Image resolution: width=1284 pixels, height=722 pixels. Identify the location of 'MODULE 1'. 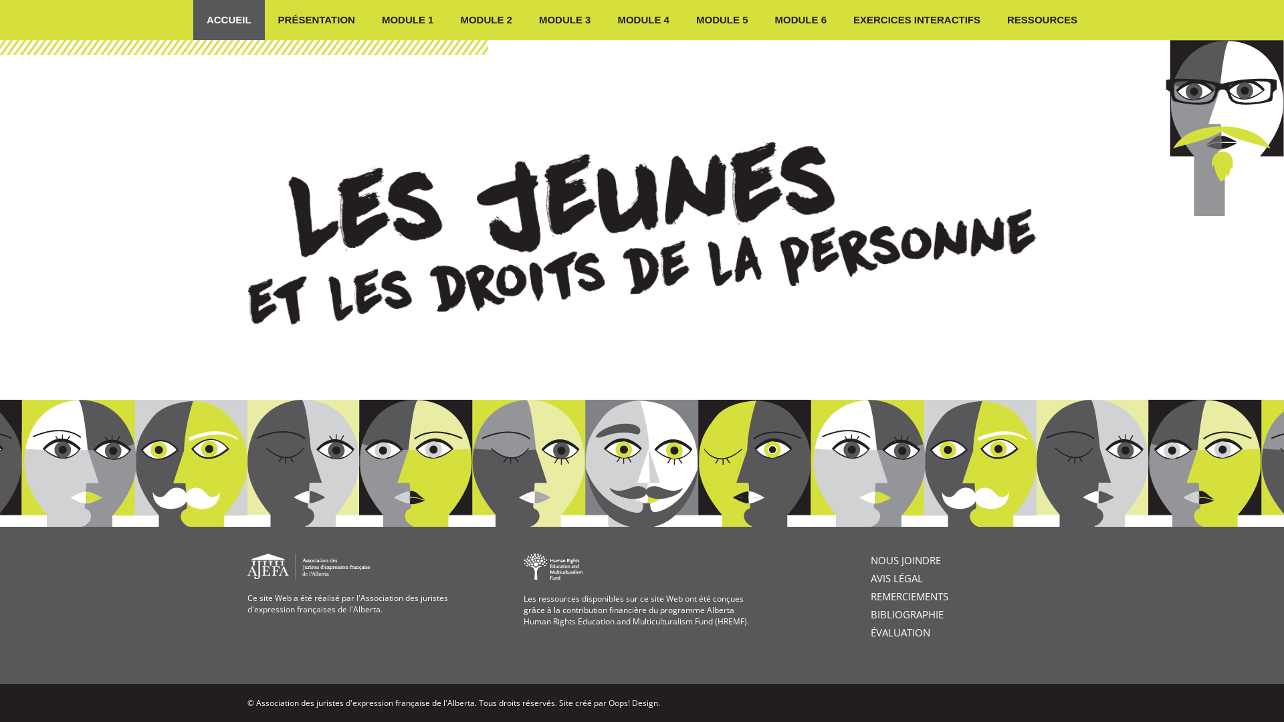
(407, 20).